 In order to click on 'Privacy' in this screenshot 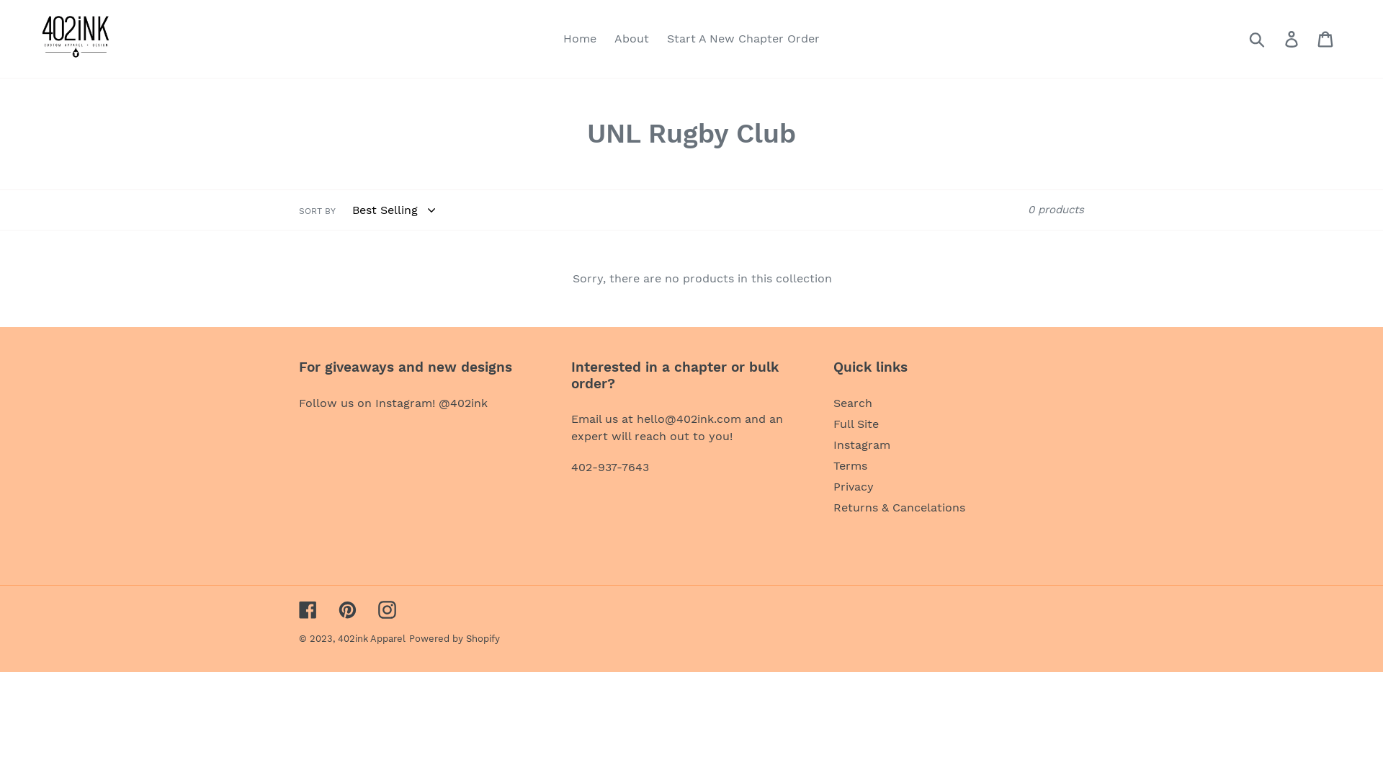, I will do `click(854, 486)`.